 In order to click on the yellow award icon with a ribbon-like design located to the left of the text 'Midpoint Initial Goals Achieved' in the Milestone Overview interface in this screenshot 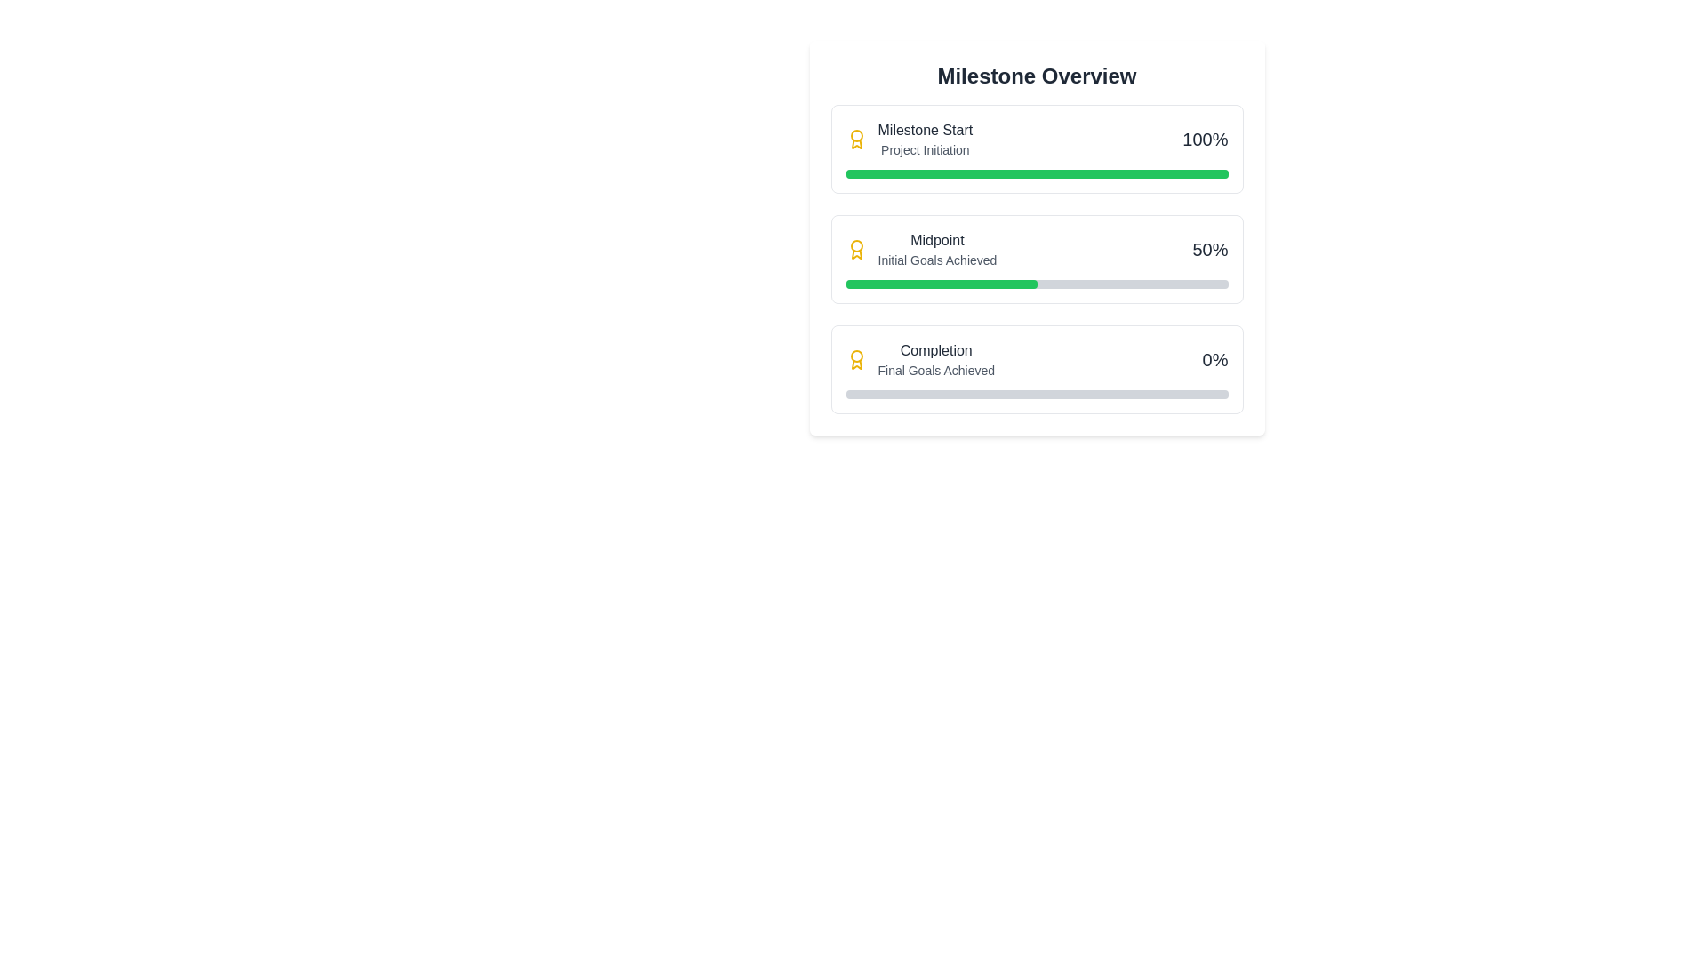, I will do `click(856, 250)`.